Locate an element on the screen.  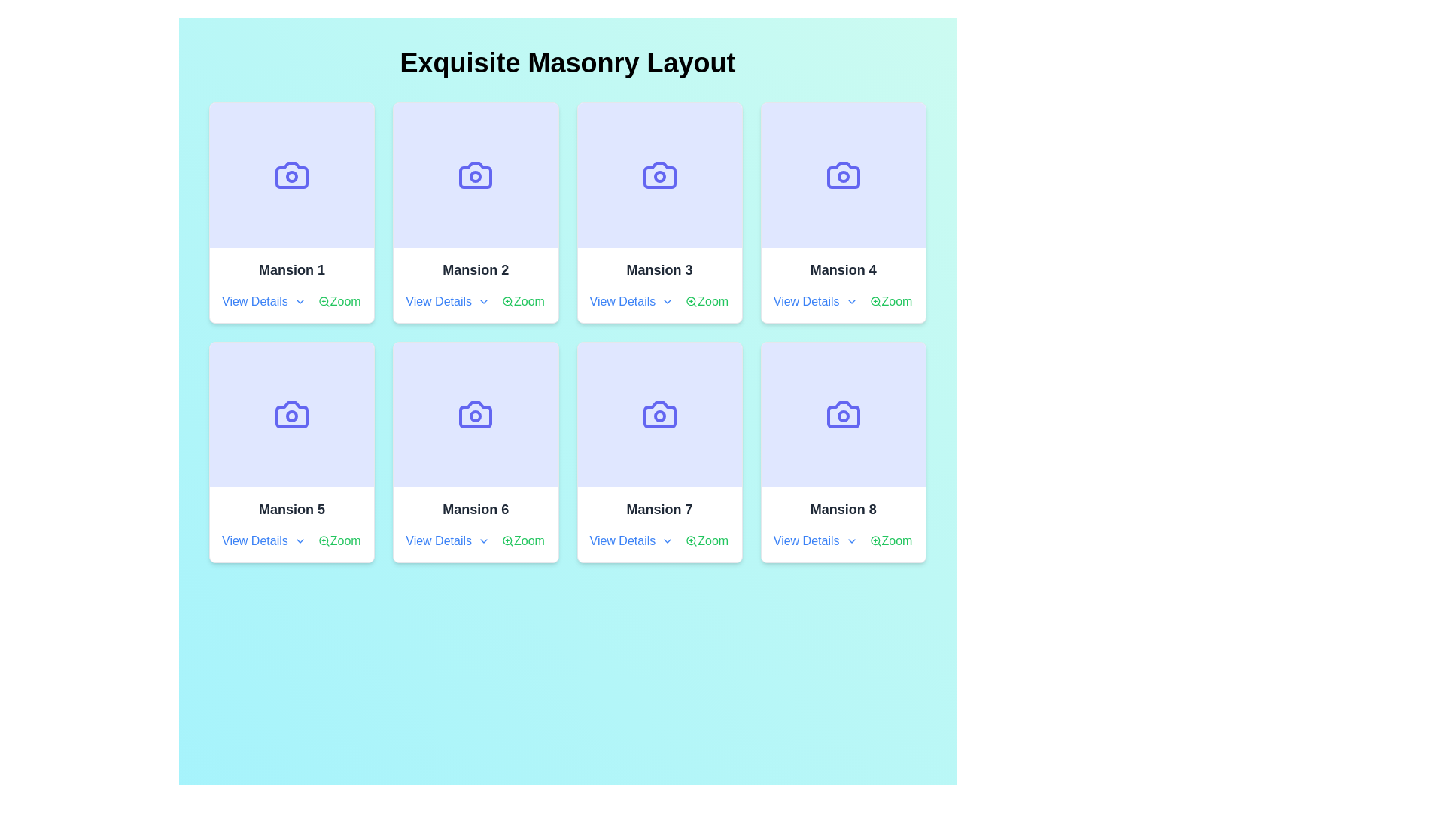
the fifth card in the gallery layout representing 'Mansion 5' is located at coordinates (292, 452).